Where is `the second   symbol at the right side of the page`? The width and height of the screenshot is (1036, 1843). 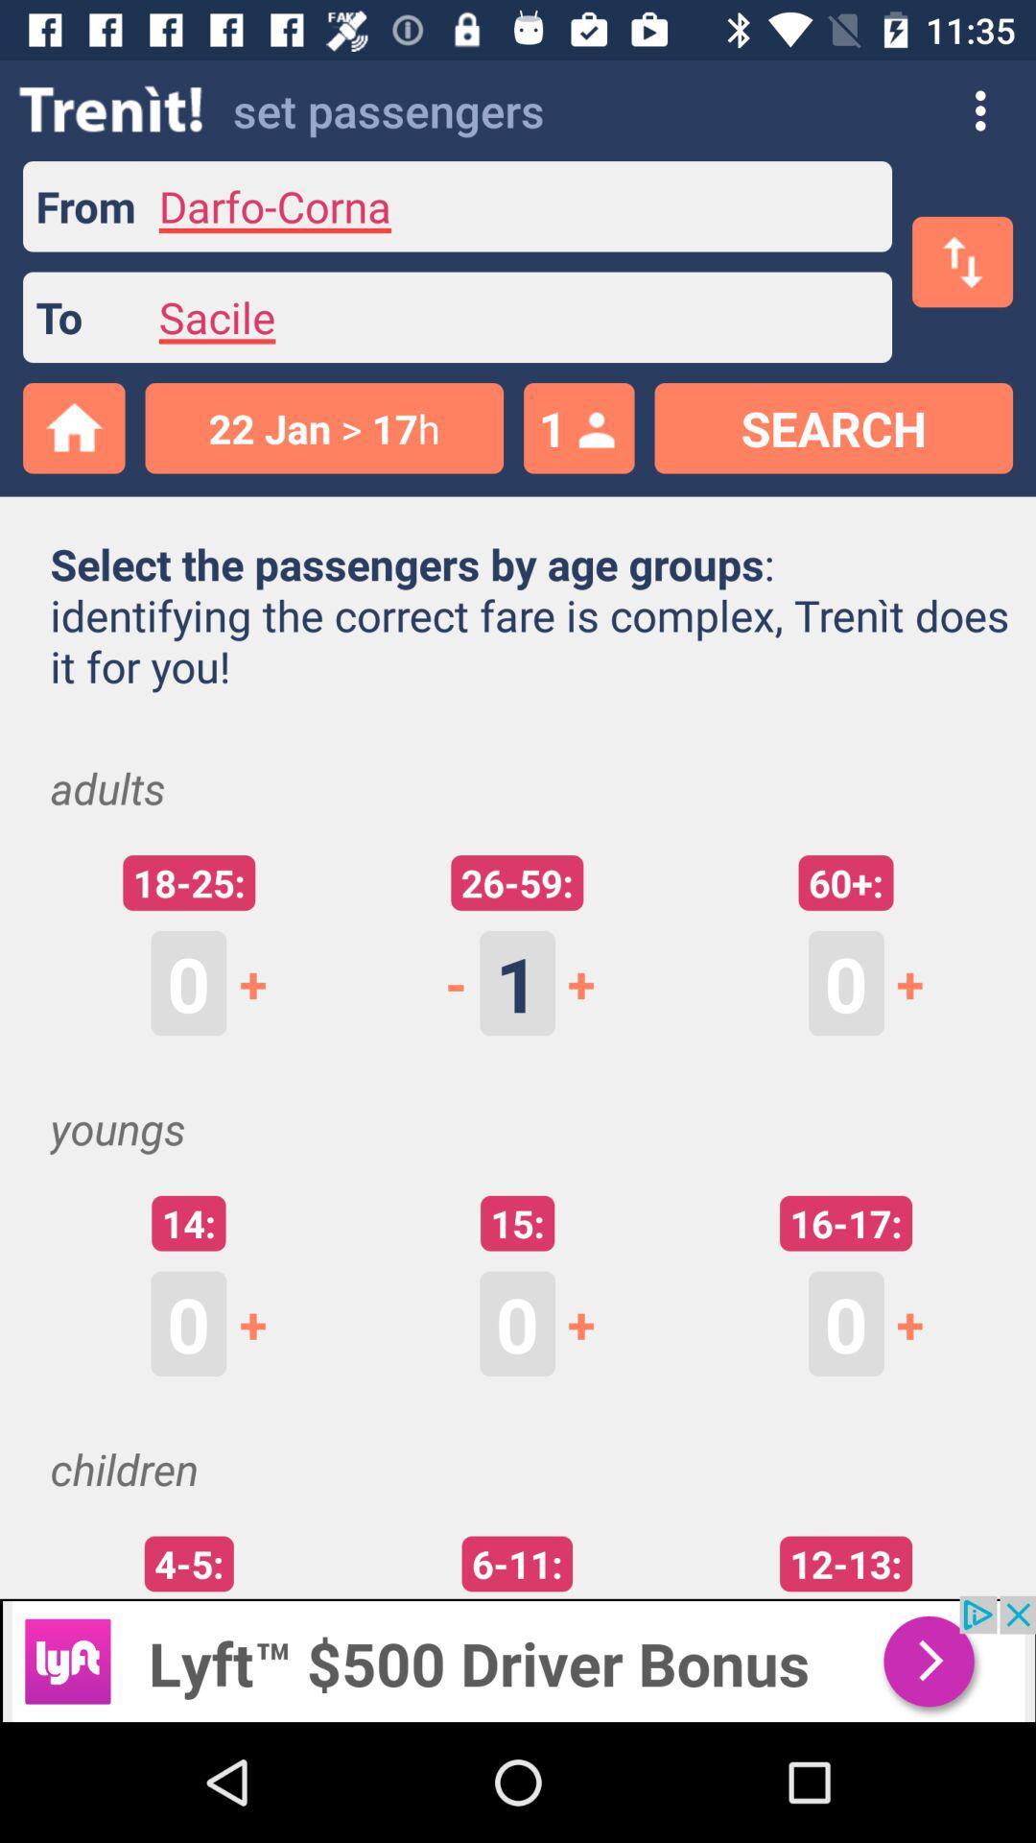 the second   symbol at the right side of the page is located at coordinates (920, 1323).